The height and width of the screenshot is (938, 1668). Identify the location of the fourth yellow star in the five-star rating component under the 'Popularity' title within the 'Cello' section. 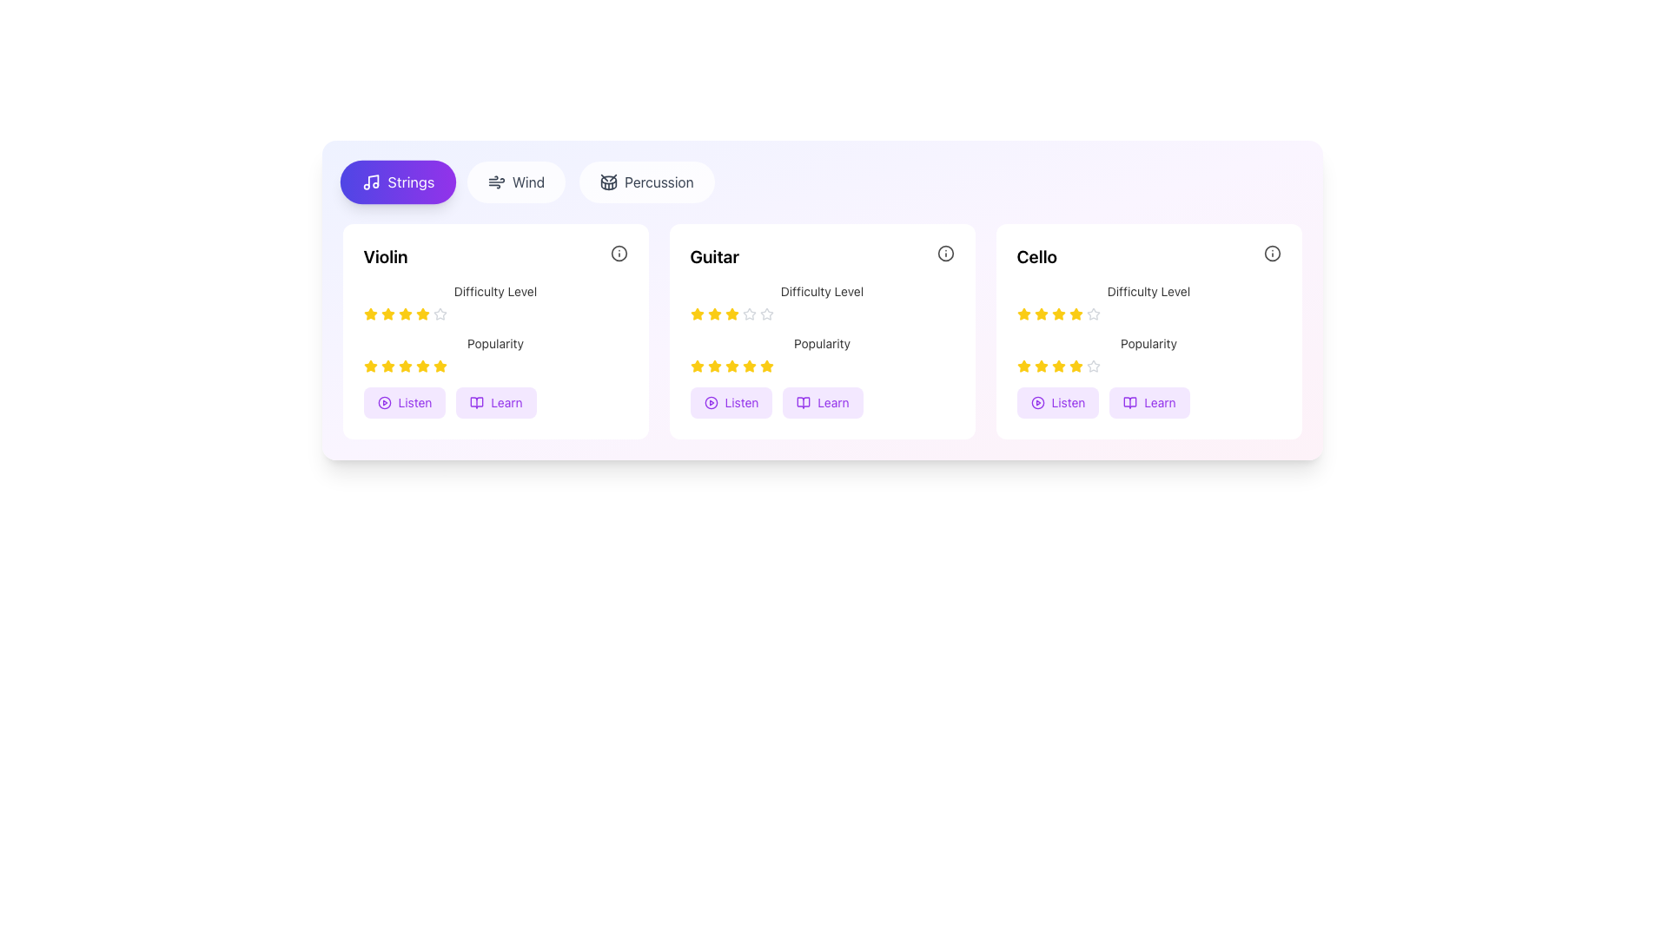
(1075, 364).